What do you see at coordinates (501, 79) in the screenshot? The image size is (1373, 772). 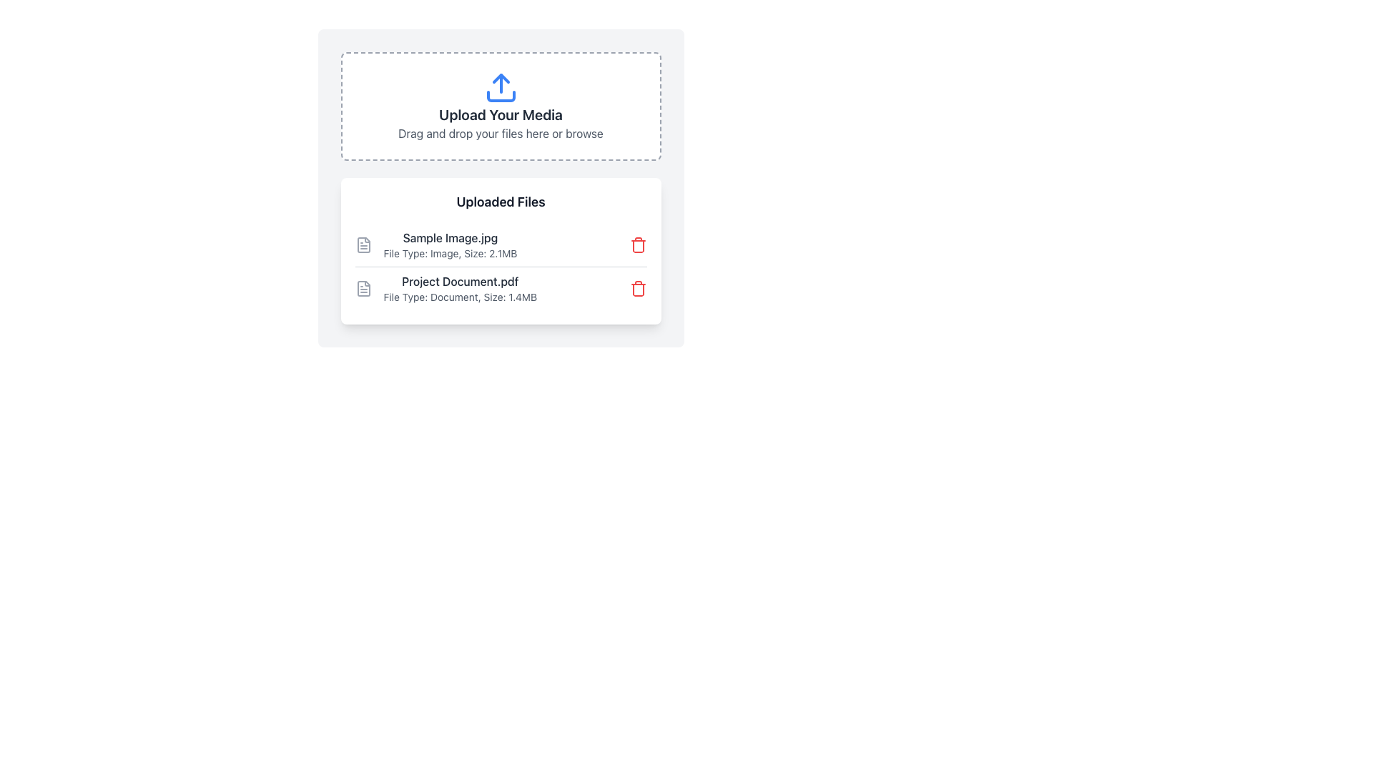 I see `the triangular arrowhead of the upload icon, which visually represents the action of uploading files or data, located in the center of the 'Upload Your Media' section` at bounding box center [501, 79].